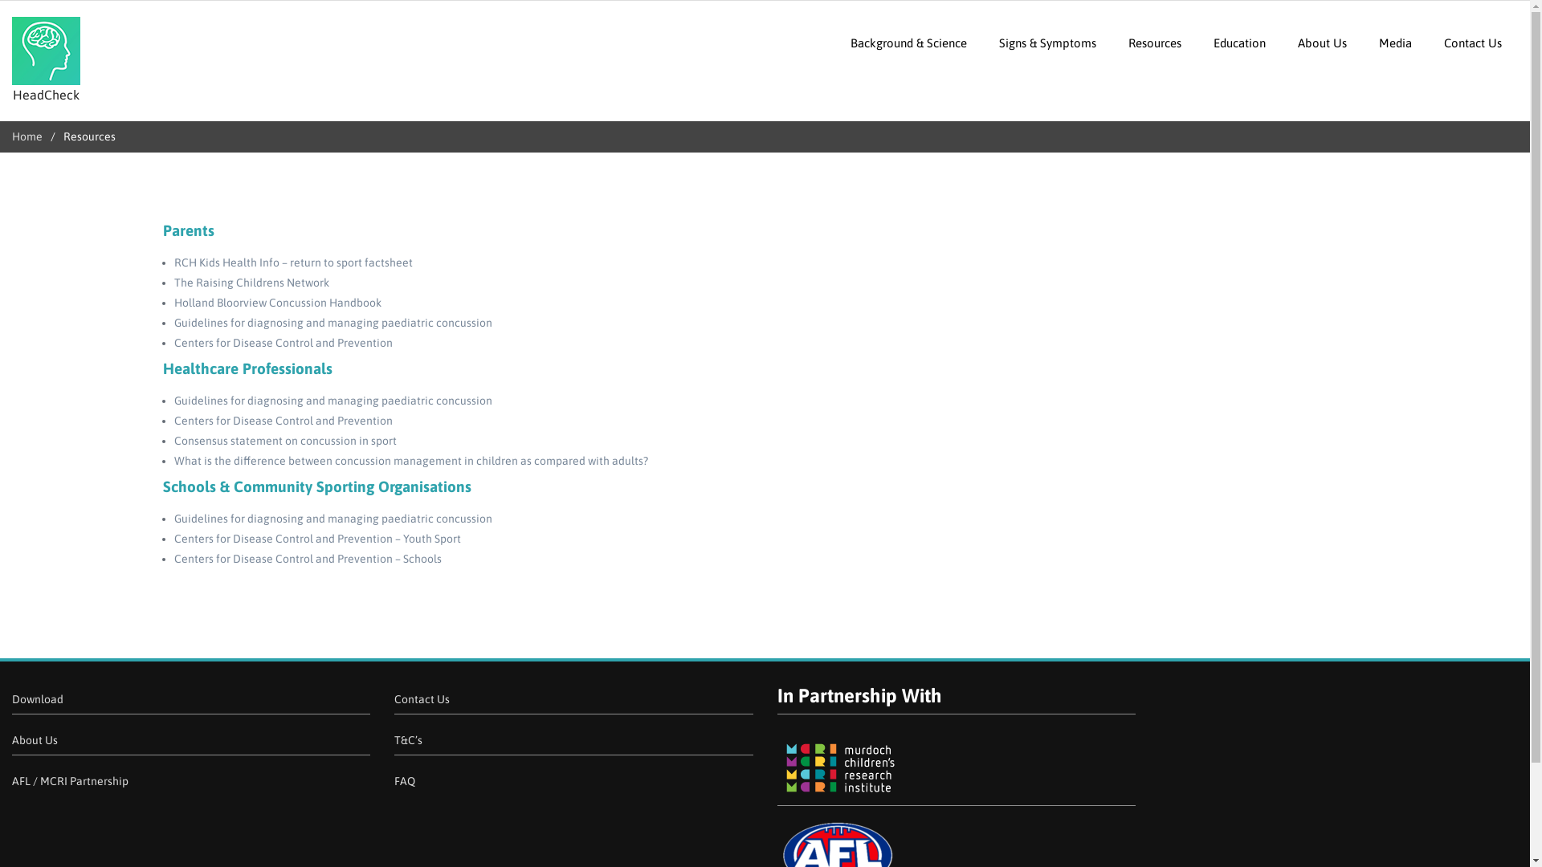 This screenshot has height=867, width=1542. What do you see at coordinates (1472, 42) in the screenshot?
I see `'Contact Us'` at bounding box center [1472, 42].